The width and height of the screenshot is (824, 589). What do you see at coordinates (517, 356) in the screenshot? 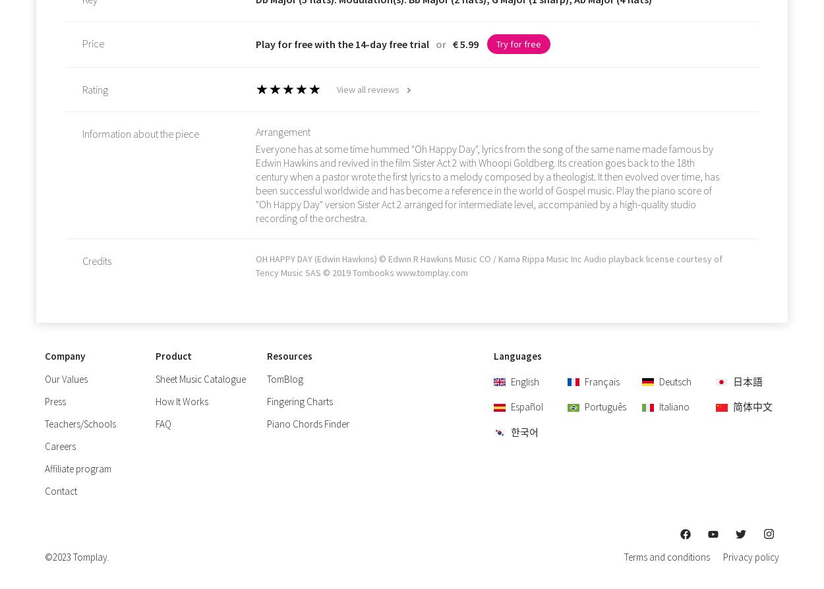
I see `'Languages'` at bounding box center [517, 356].